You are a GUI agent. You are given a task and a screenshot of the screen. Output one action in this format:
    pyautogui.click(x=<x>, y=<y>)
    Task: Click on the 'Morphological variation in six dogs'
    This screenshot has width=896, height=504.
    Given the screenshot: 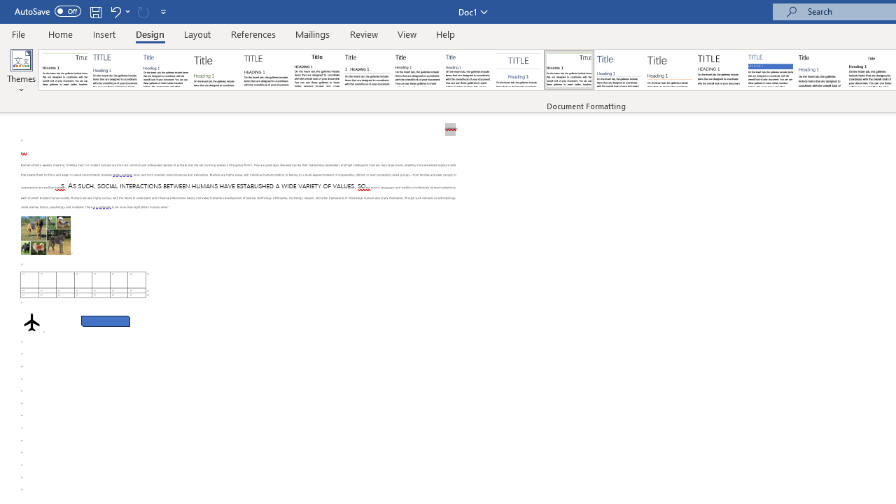 What is the action you would take?
    pyautogui.click(x=45, y=234)
    